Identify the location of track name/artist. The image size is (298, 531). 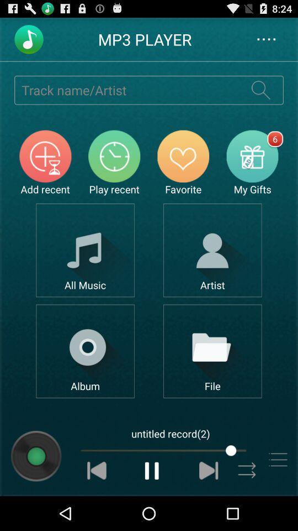
(126, 89).